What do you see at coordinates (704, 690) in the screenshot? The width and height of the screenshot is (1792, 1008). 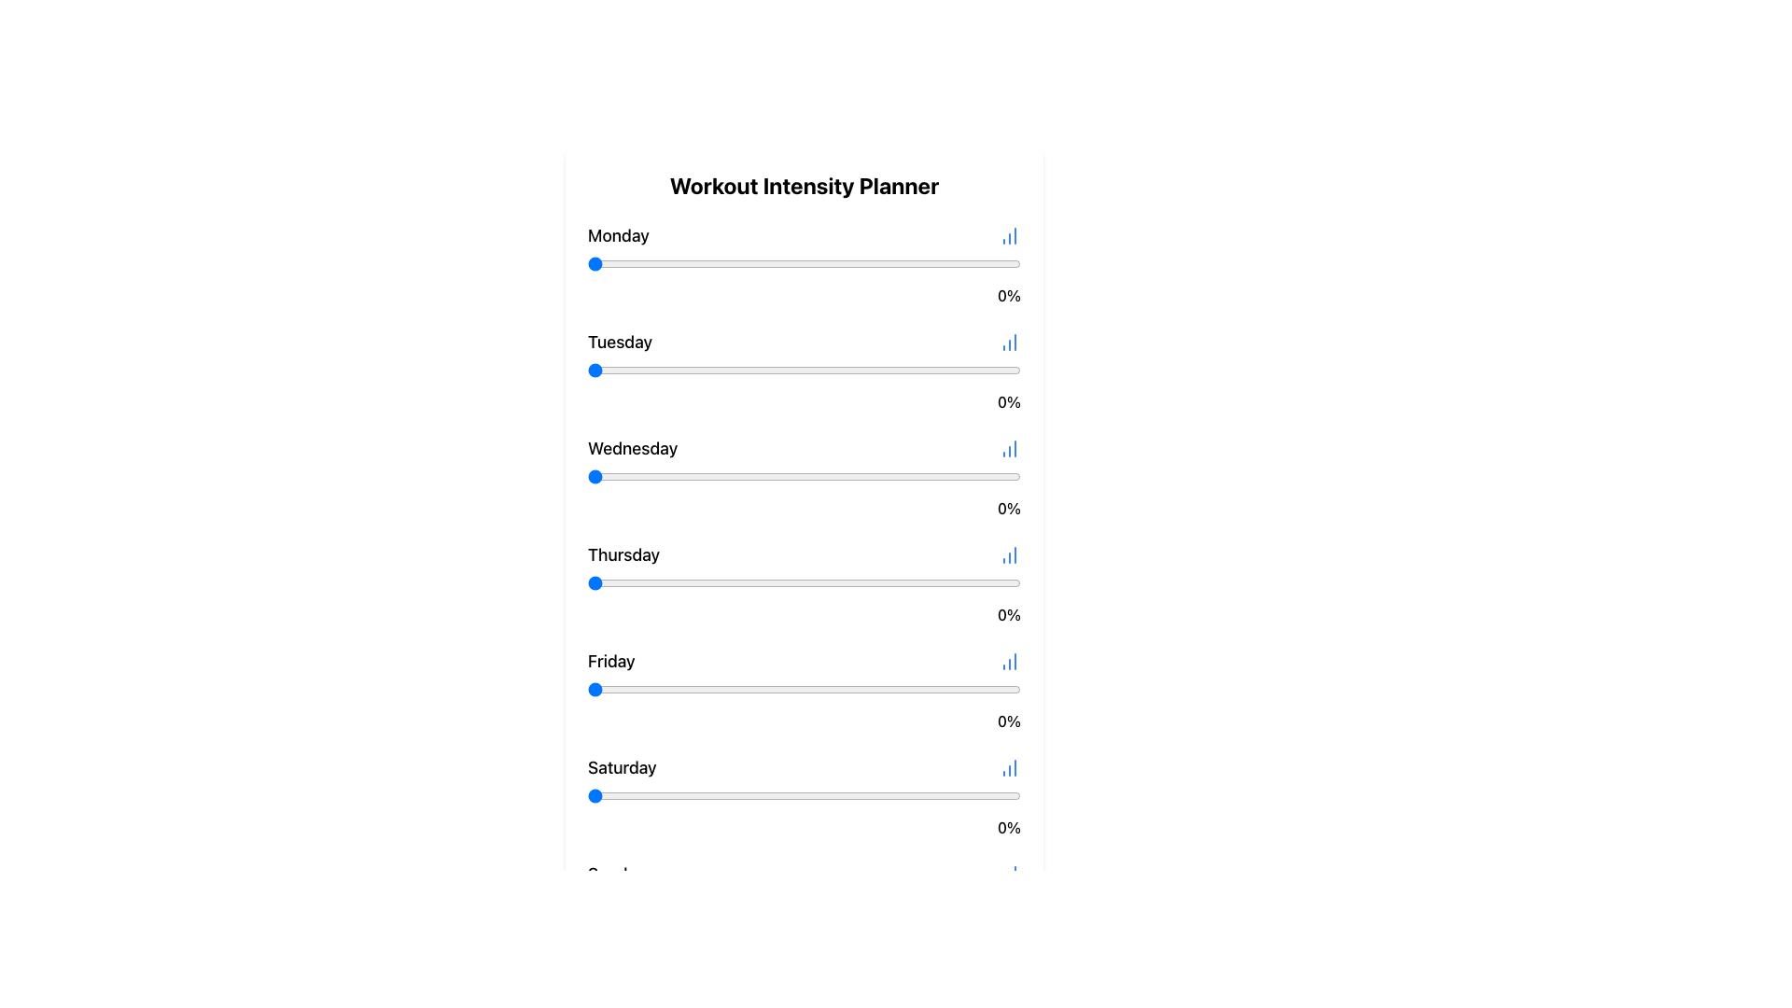 I see `the Friday workout intensity` at bounding box center [704, 690].